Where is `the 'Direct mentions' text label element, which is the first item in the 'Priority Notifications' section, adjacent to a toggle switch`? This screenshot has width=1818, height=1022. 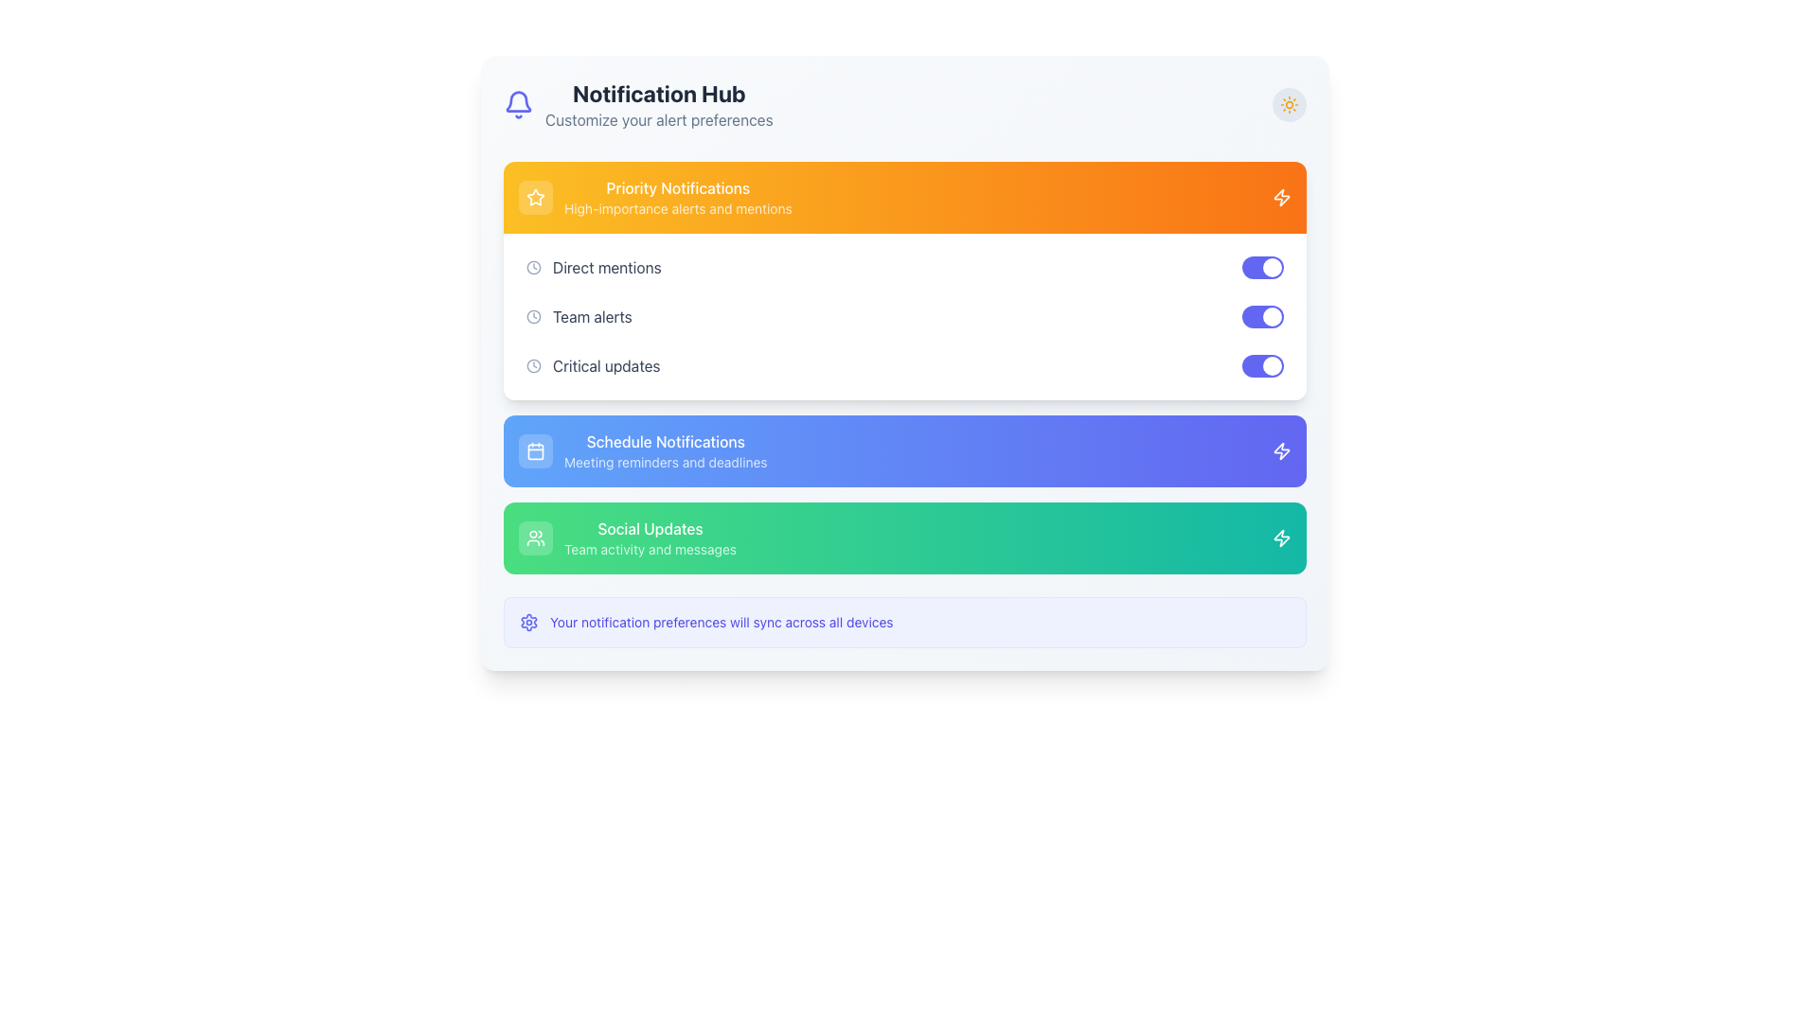
the 'Direct mentions' text label element, which is the first item in the 'Priority Notifications' section, adjacent to a toggle switch is located at coordinates (607, 267).